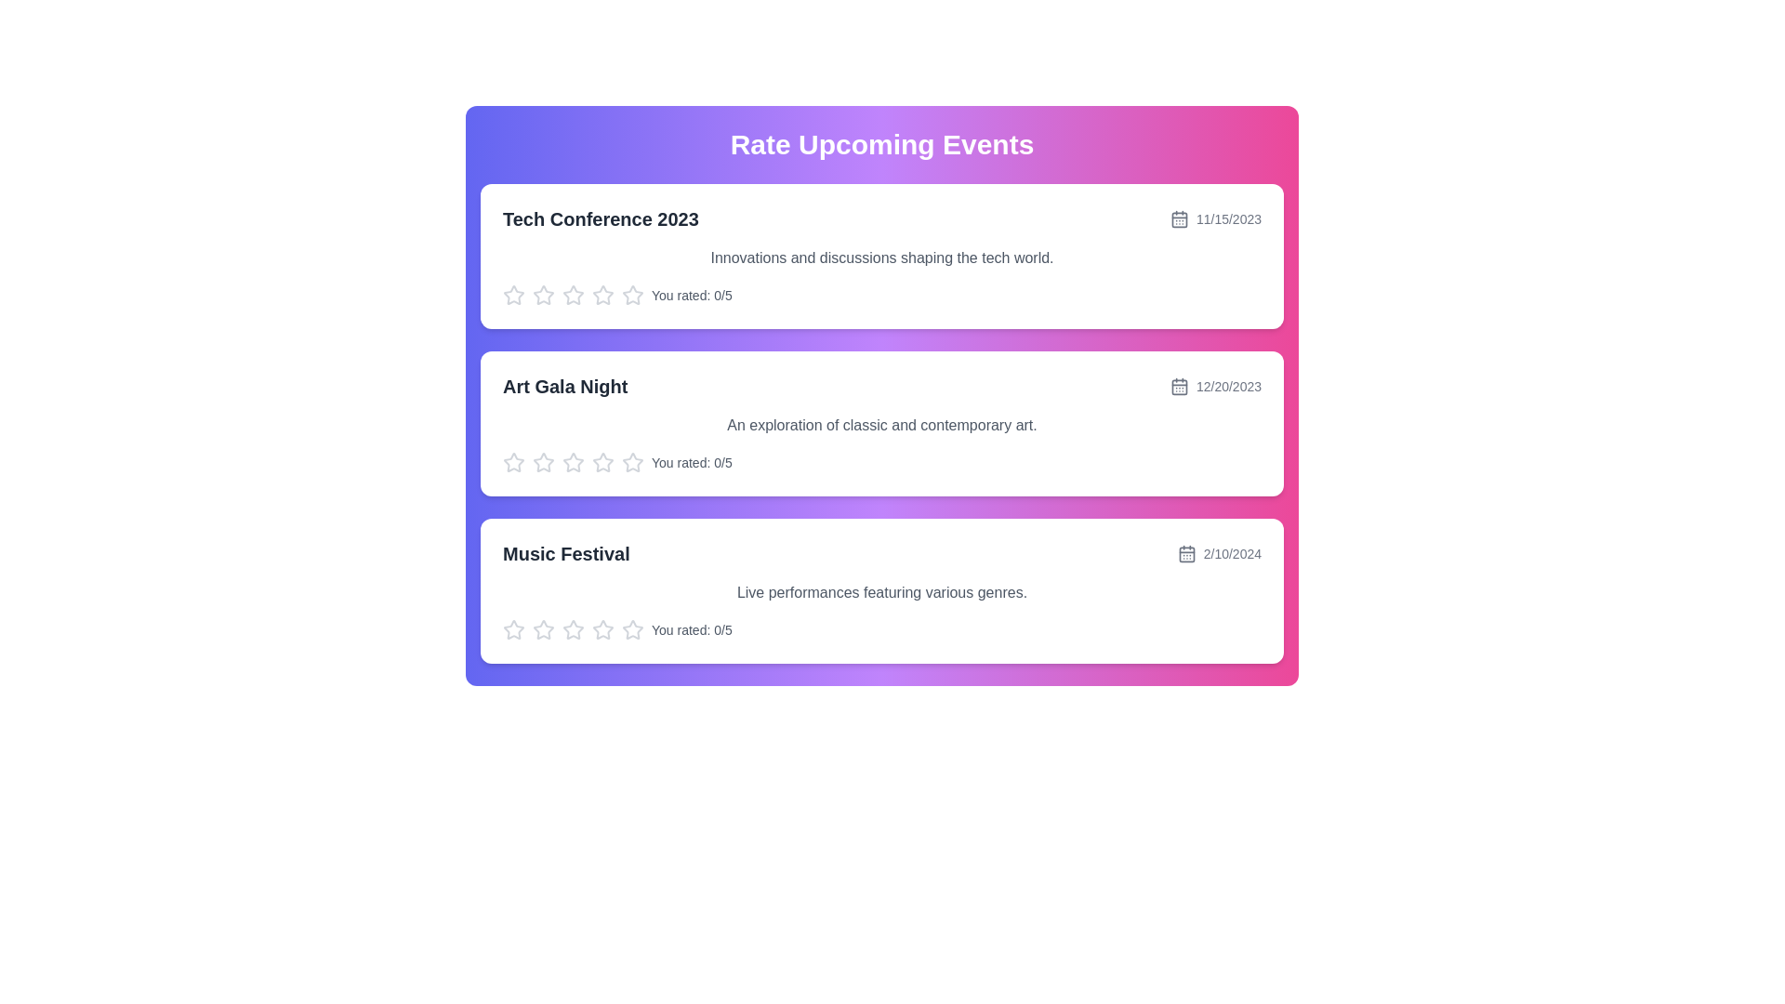 The height and width of the screenshot is (1004, 1785). I want to click on the third star-shaped rating icon for accessibility interactions, located below the title 'Tech Conference 2023', so click(543, 294).